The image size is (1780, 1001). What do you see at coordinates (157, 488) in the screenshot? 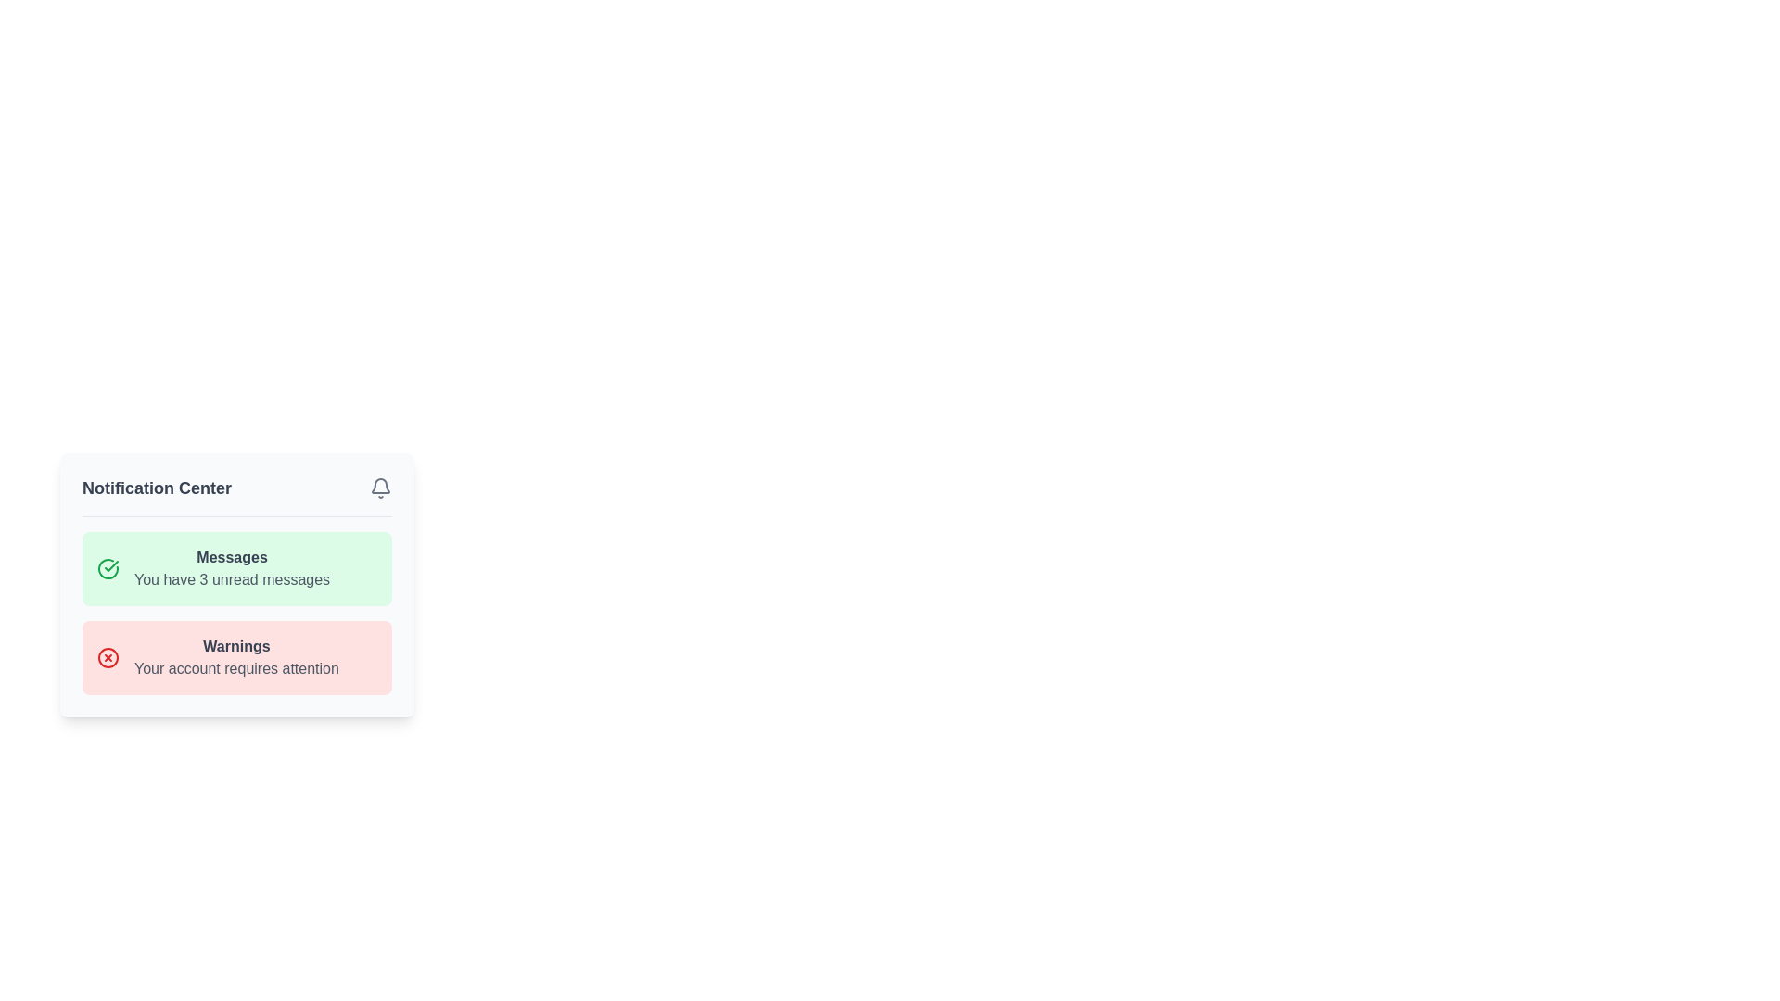
I see `the 'Notification Center' text label, which is styled with a bold font and dark gray color, prominently placed at the top-left of a card layout` at bounding box center [157, 488].